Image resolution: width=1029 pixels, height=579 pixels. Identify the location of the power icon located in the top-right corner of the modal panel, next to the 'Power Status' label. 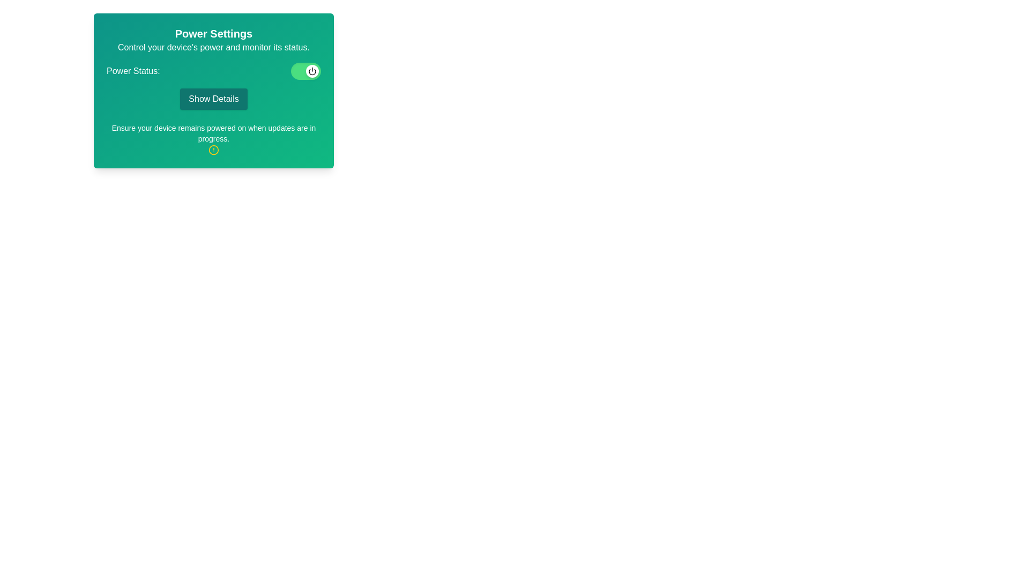
(311, 71).